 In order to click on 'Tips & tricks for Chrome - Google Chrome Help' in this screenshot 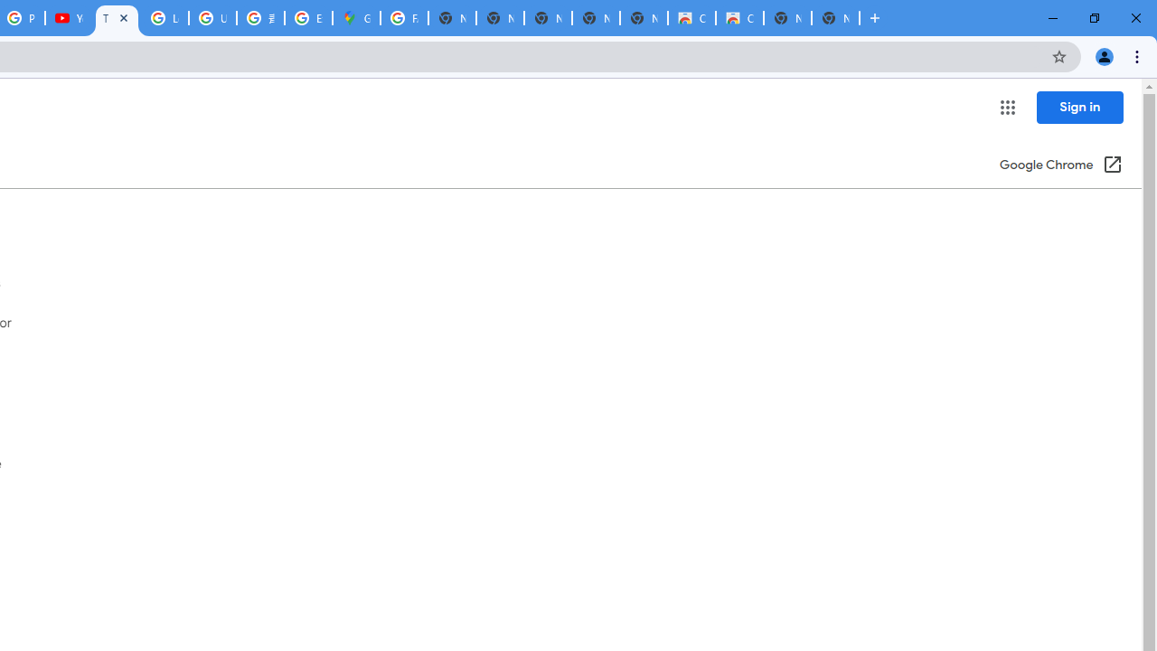, I will do `click(116, 18)`.